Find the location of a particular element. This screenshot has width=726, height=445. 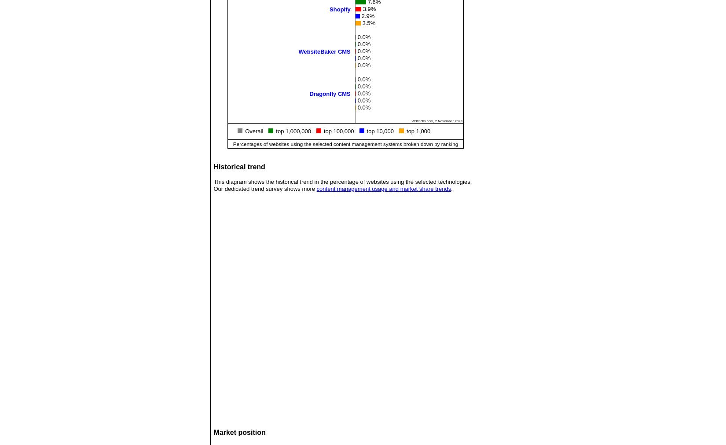

'WebsiteBaker CMS' is located at coordinates (324, 51).